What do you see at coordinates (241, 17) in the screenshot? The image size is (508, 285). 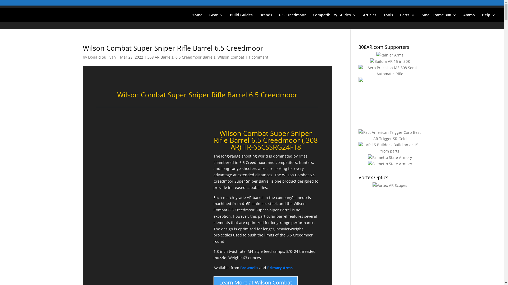 I see `'Build Guides'` at bounding box center [241, 17].